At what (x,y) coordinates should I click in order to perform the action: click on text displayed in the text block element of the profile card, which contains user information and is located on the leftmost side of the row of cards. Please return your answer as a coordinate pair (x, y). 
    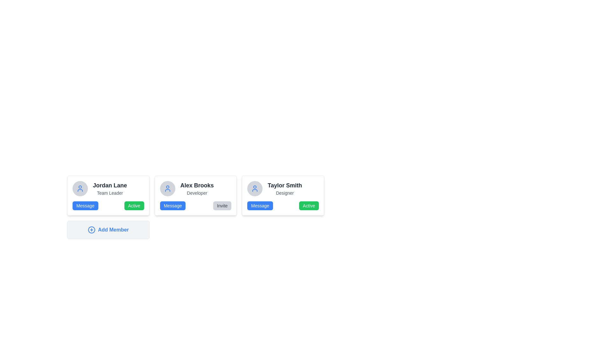
    Looking at the image, I should click on (110, 188).